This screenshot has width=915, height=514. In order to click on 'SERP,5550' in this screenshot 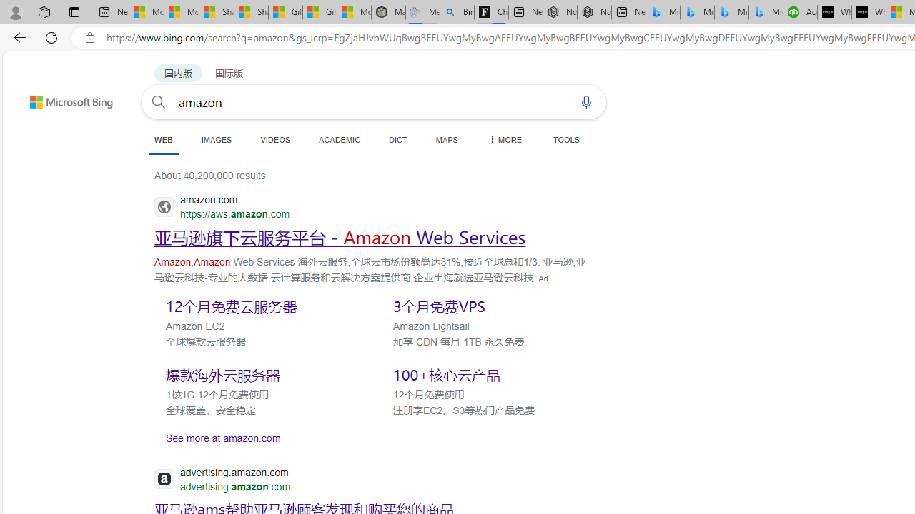, I will do `click(261, 305)`.